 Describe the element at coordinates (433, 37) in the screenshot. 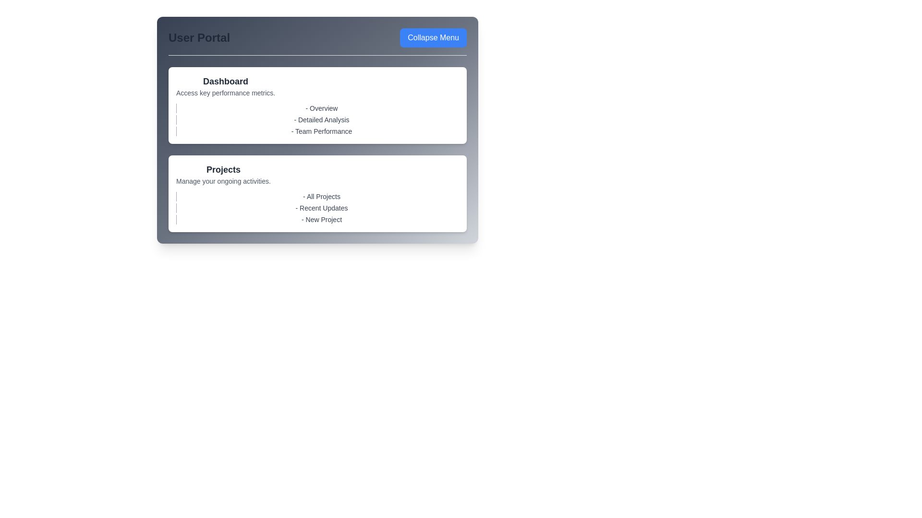

I see `the 'Collapse Menu' button to toggle the menu visibility` at that location.